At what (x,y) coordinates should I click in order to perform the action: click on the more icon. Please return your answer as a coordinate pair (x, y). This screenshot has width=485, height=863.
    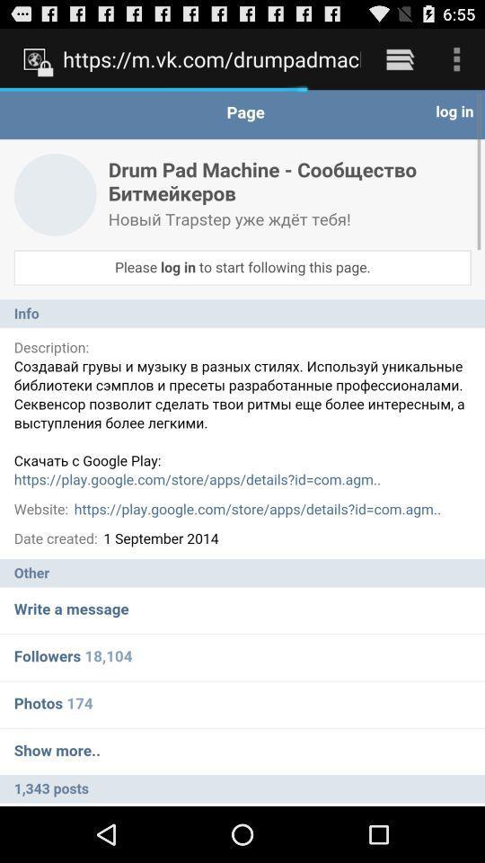
    Looking at the image, I should click on (456, 63).